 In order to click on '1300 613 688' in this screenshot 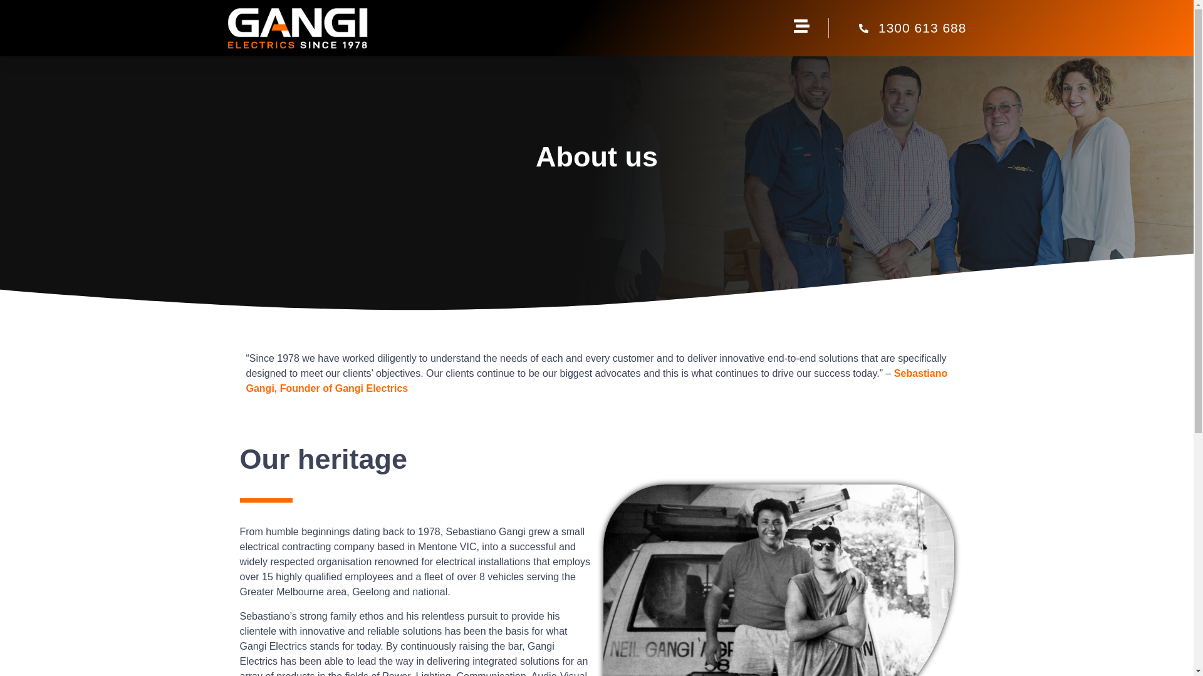, I will do `click(897, 28)`.